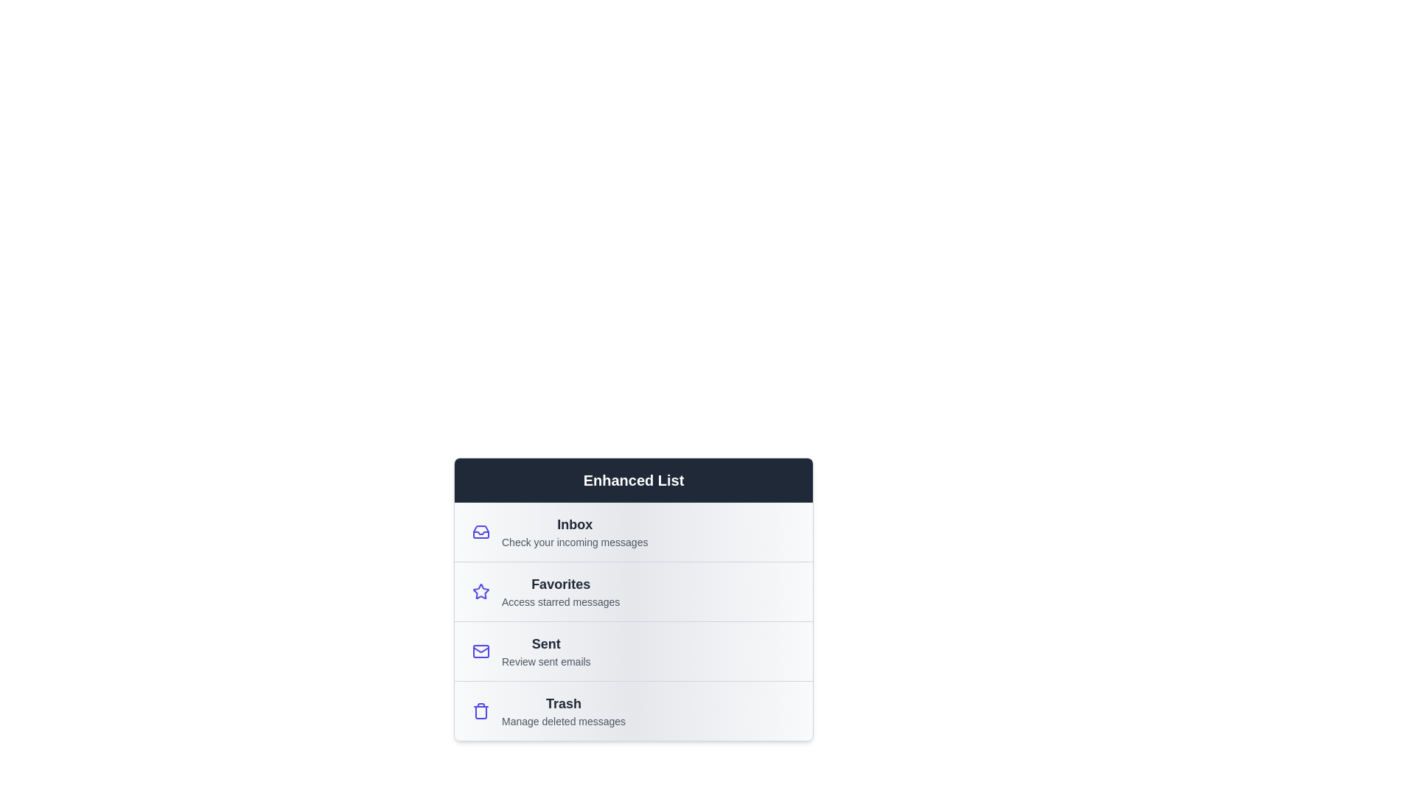 This screenshot has width=1415, height=796. What do you see at coordinates (560, 584) in the screenshot?
I see `the 'Favorites' text label, which is the second item in the 'Enhanced List' menu, positioned between 'Inbox' and 'Access starred messages'` at bounding box center [560, 584].